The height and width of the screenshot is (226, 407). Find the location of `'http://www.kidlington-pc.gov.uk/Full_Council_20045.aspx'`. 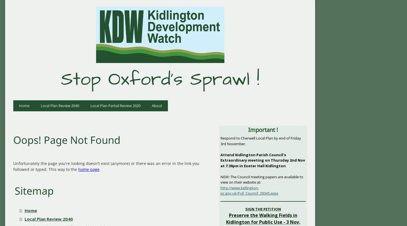

'http://www.kidlington-pc.gov.uk/Full_Council_20045.aspx' is located at coordinates (249, 190).